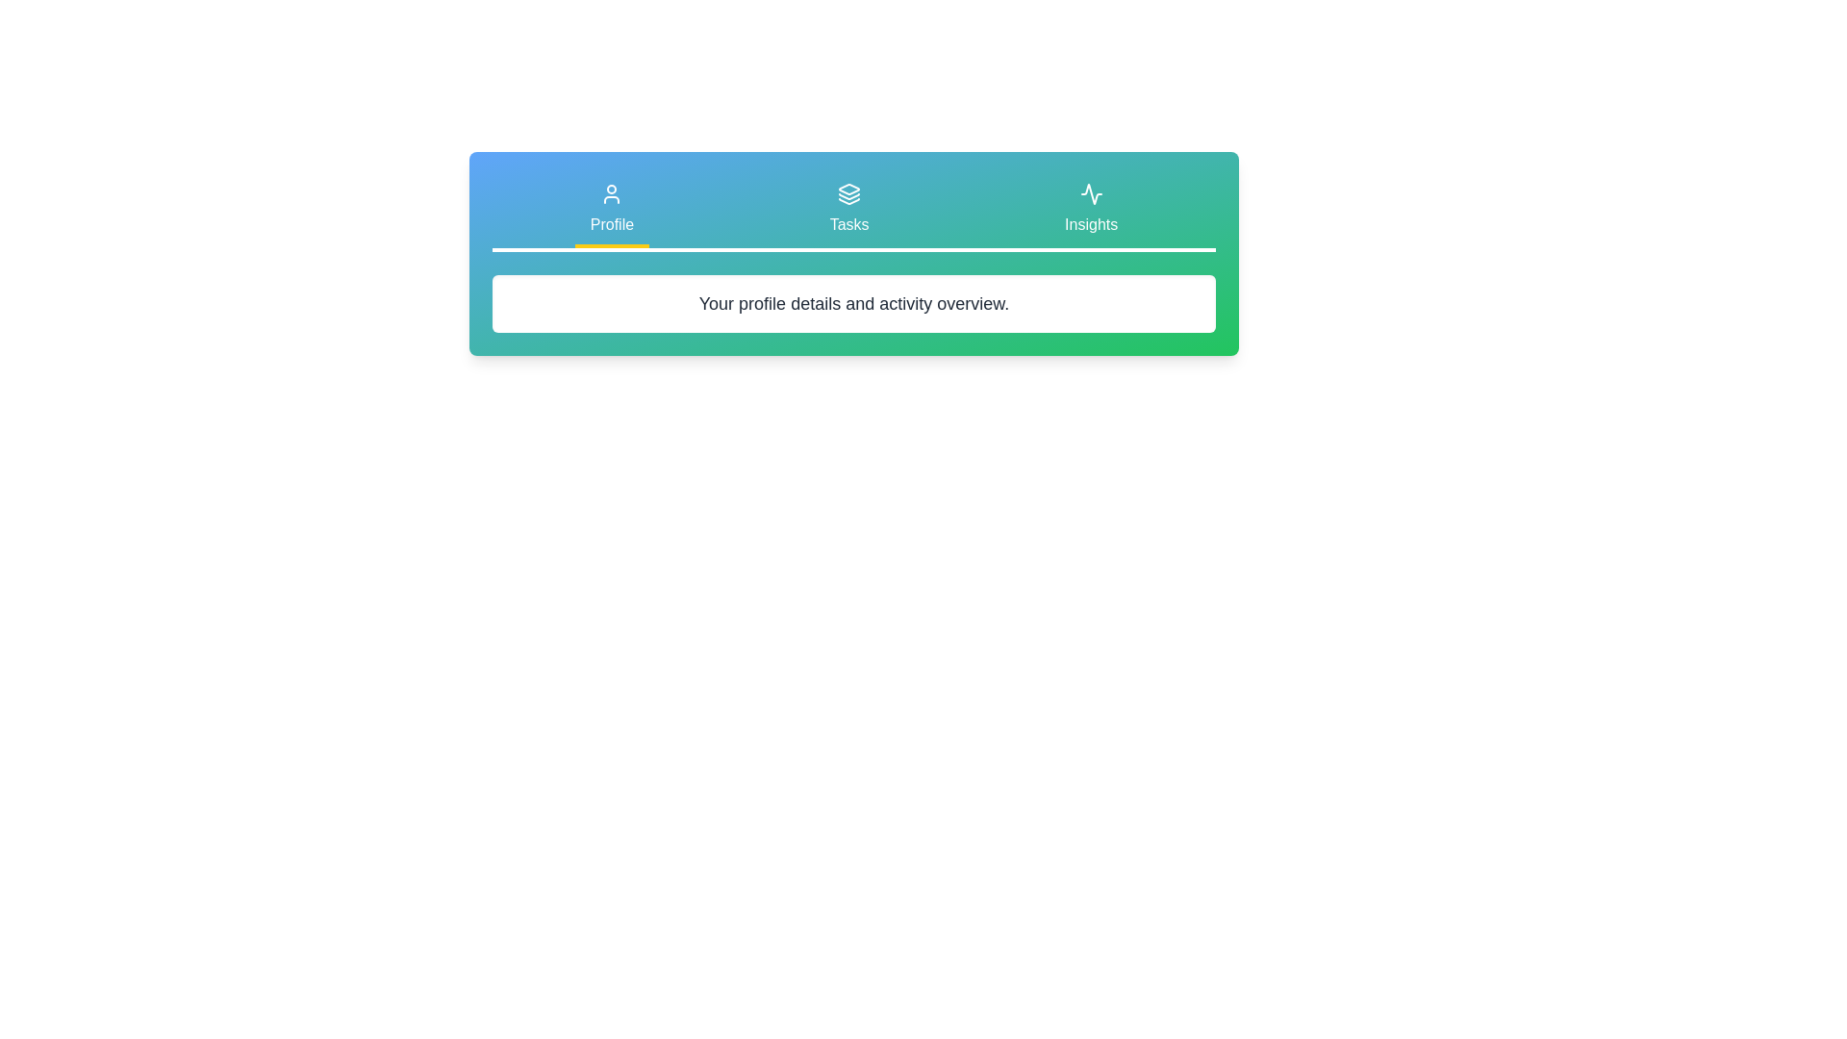 This screenshot has height=1039, width=1847. Describe the element at coordinates (1091, 211) in the screenshot. I see `the tab labeled 'Insights' to inspect its visual design` at that location.